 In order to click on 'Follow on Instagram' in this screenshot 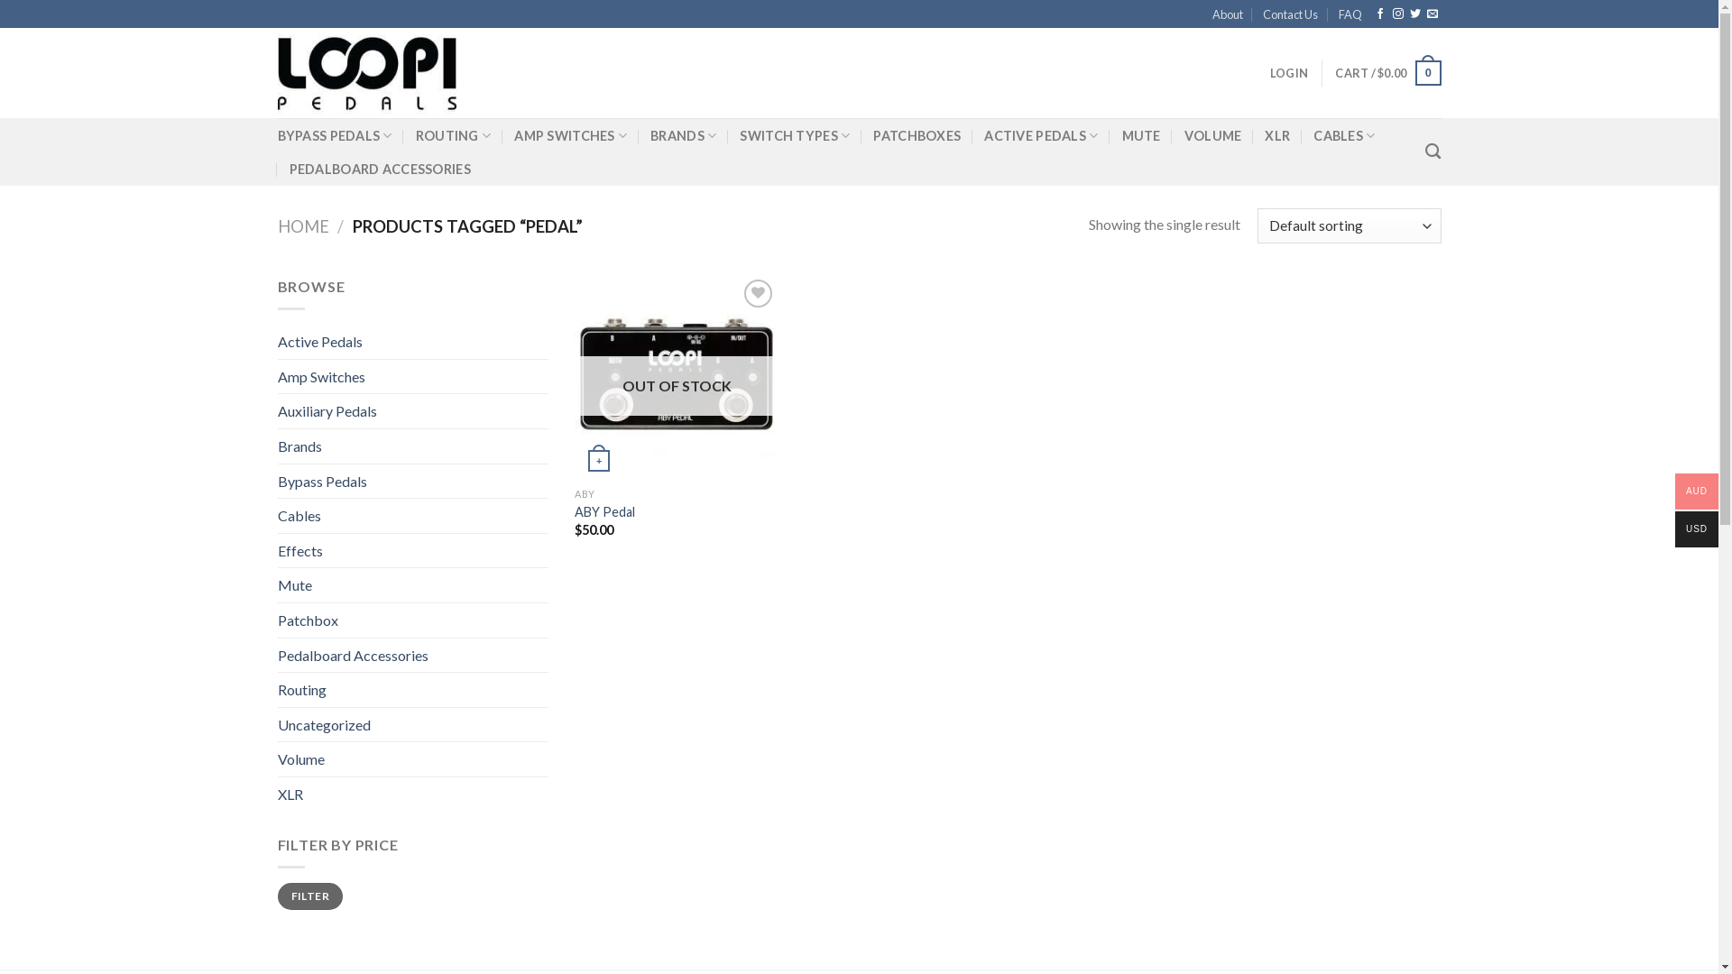, I will do `click(1397, 14)`.